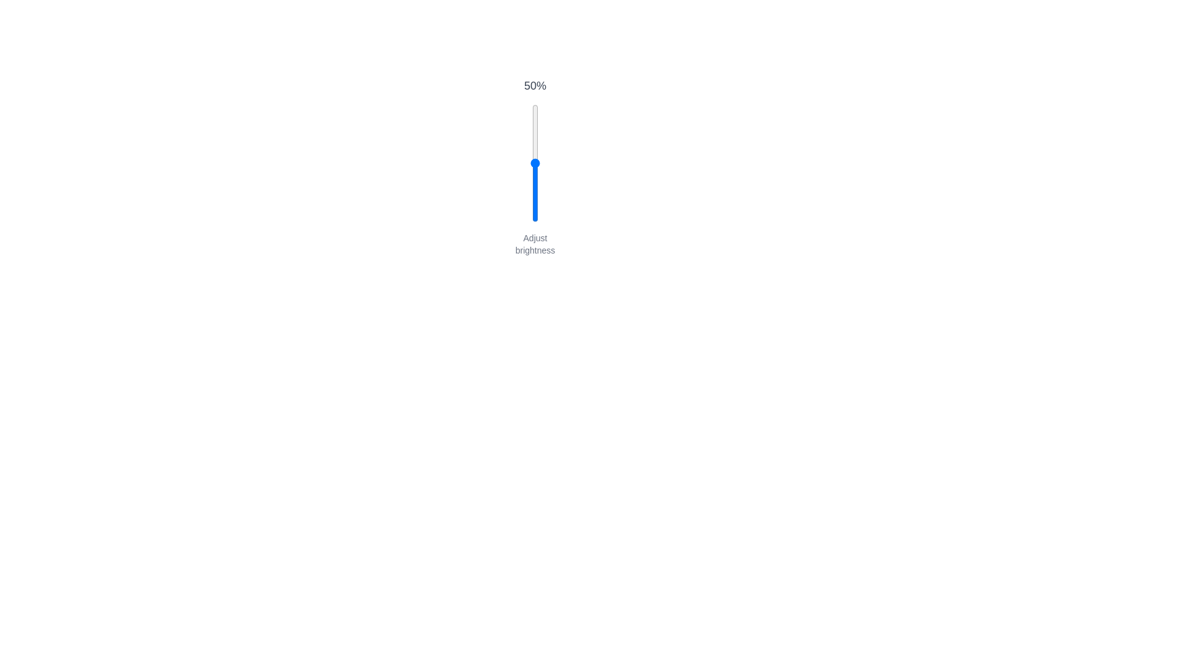 The image size is (1180, 663). I want to click on brightness, so click(535, 203).